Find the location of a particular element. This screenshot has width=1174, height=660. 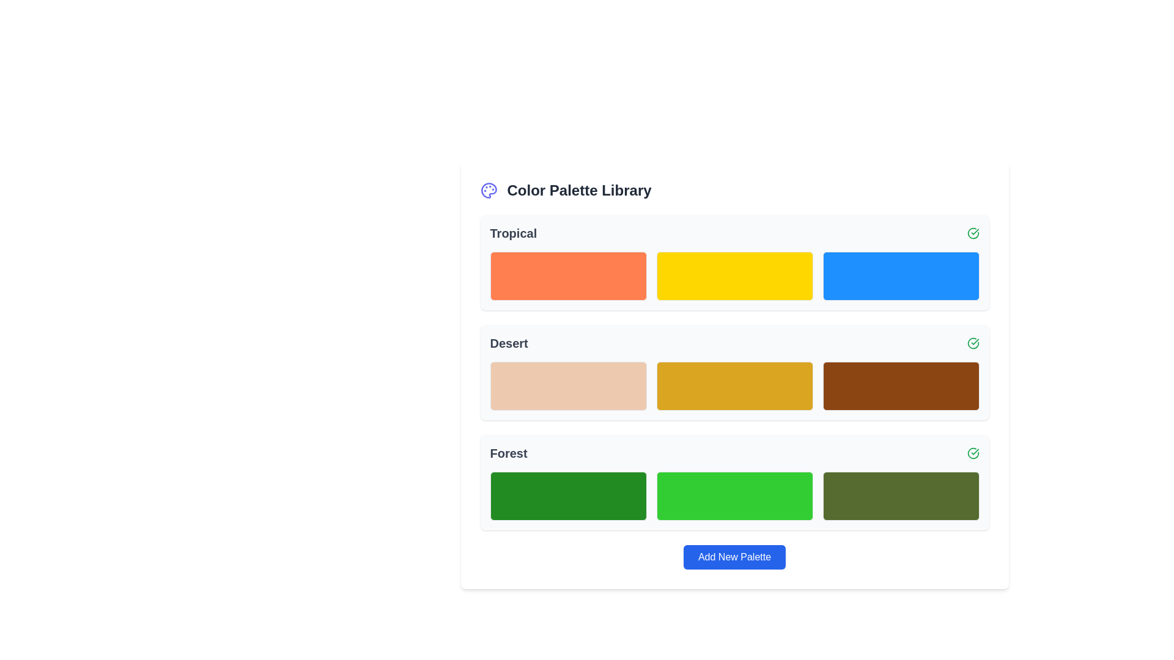

the circular outline component of the checkmark icon located at the far right of the 'Tropical' palette row is located at coordinates (972, 342).